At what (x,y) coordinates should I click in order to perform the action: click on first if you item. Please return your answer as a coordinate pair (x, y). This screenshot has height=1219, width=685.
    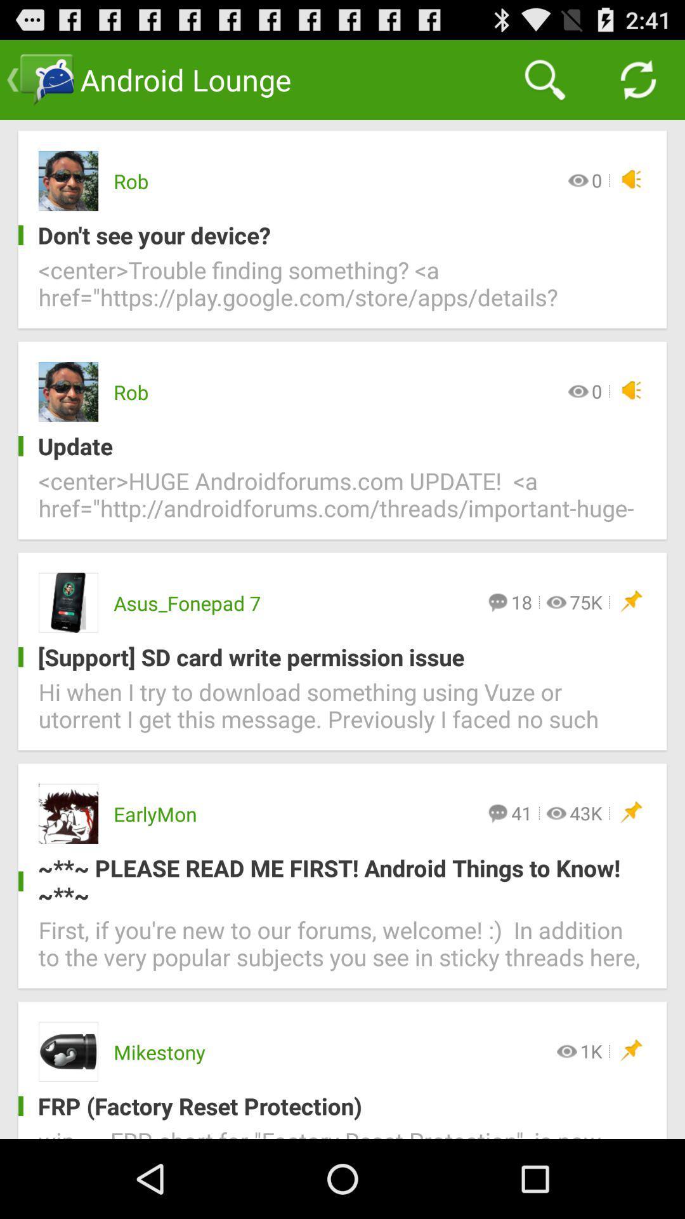
    Looking at the image, I should click on (342, 951).